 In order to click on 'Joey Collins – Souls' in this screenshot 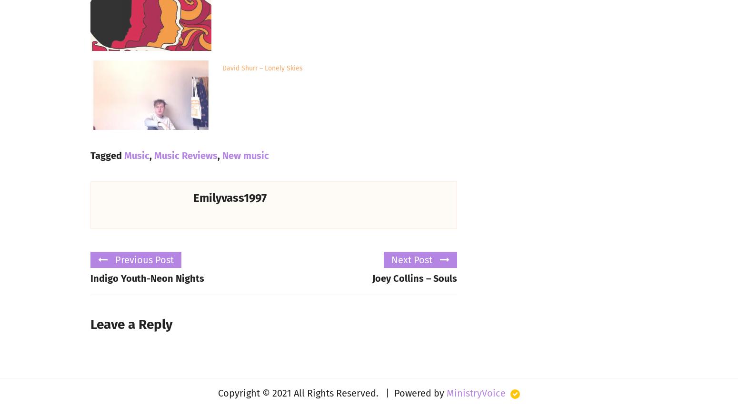, I will do `click(414, 278)`.